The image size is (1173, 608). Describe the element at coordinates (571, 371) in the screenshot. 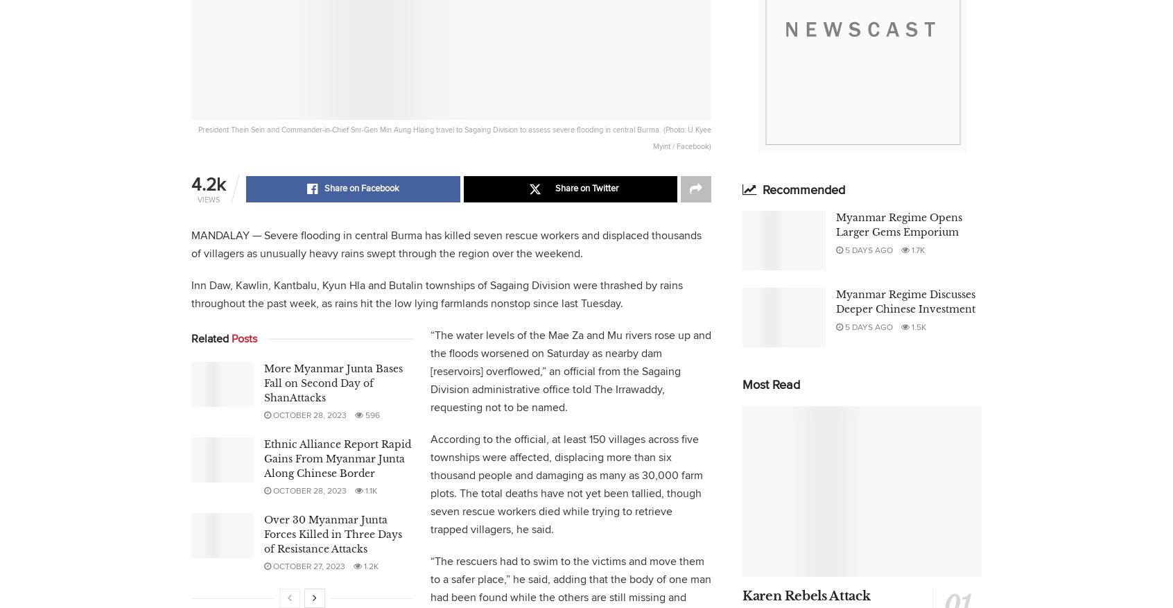

I see `'“The water levels of the Mae Za and Mu rivers rose up and the floods worsened on Saturday as nearby dam [reservoirs] overflowed,” an official from the Sagaing Division administrative office told The Irrawaddy, requesting not to be named.'` at that location.